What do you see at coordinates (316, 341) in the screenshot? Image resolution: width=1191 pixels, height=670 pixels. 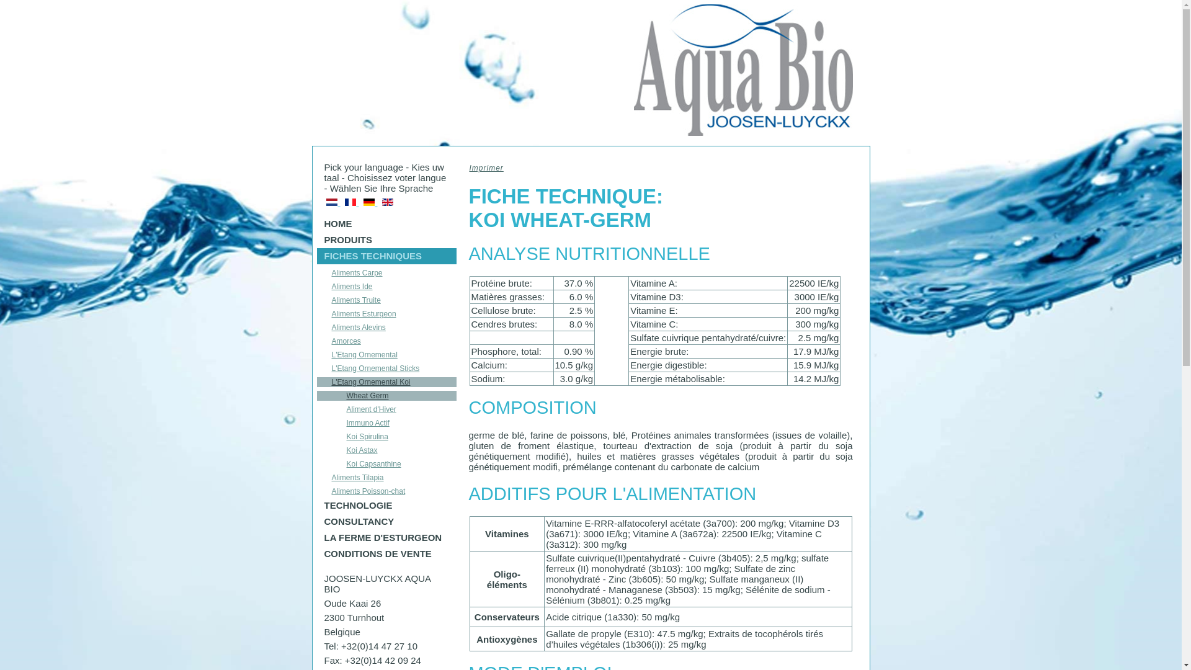 I see `'Amorces'` at bounding box center [316, 341].